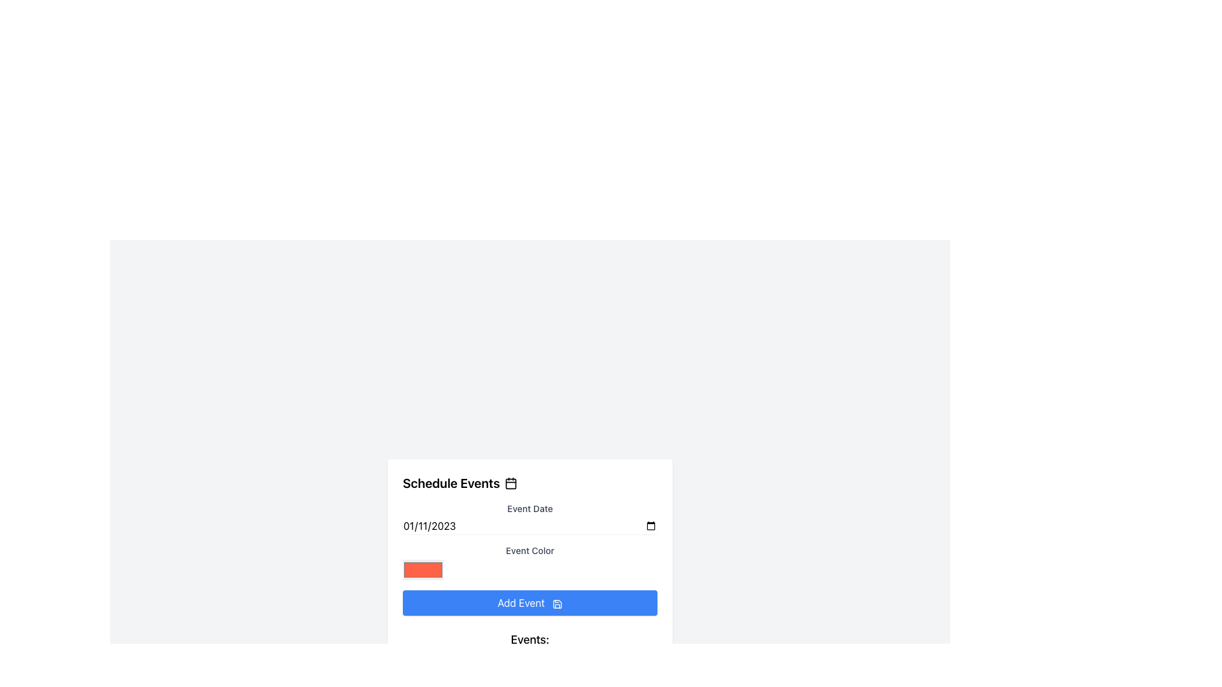  What do you see at coordinates (511, 483) in the screenshot?
I see `the calendar icon located to the right of the 'Schedule Events' label in the header of the form-like section` at bounding box center [511, 483].